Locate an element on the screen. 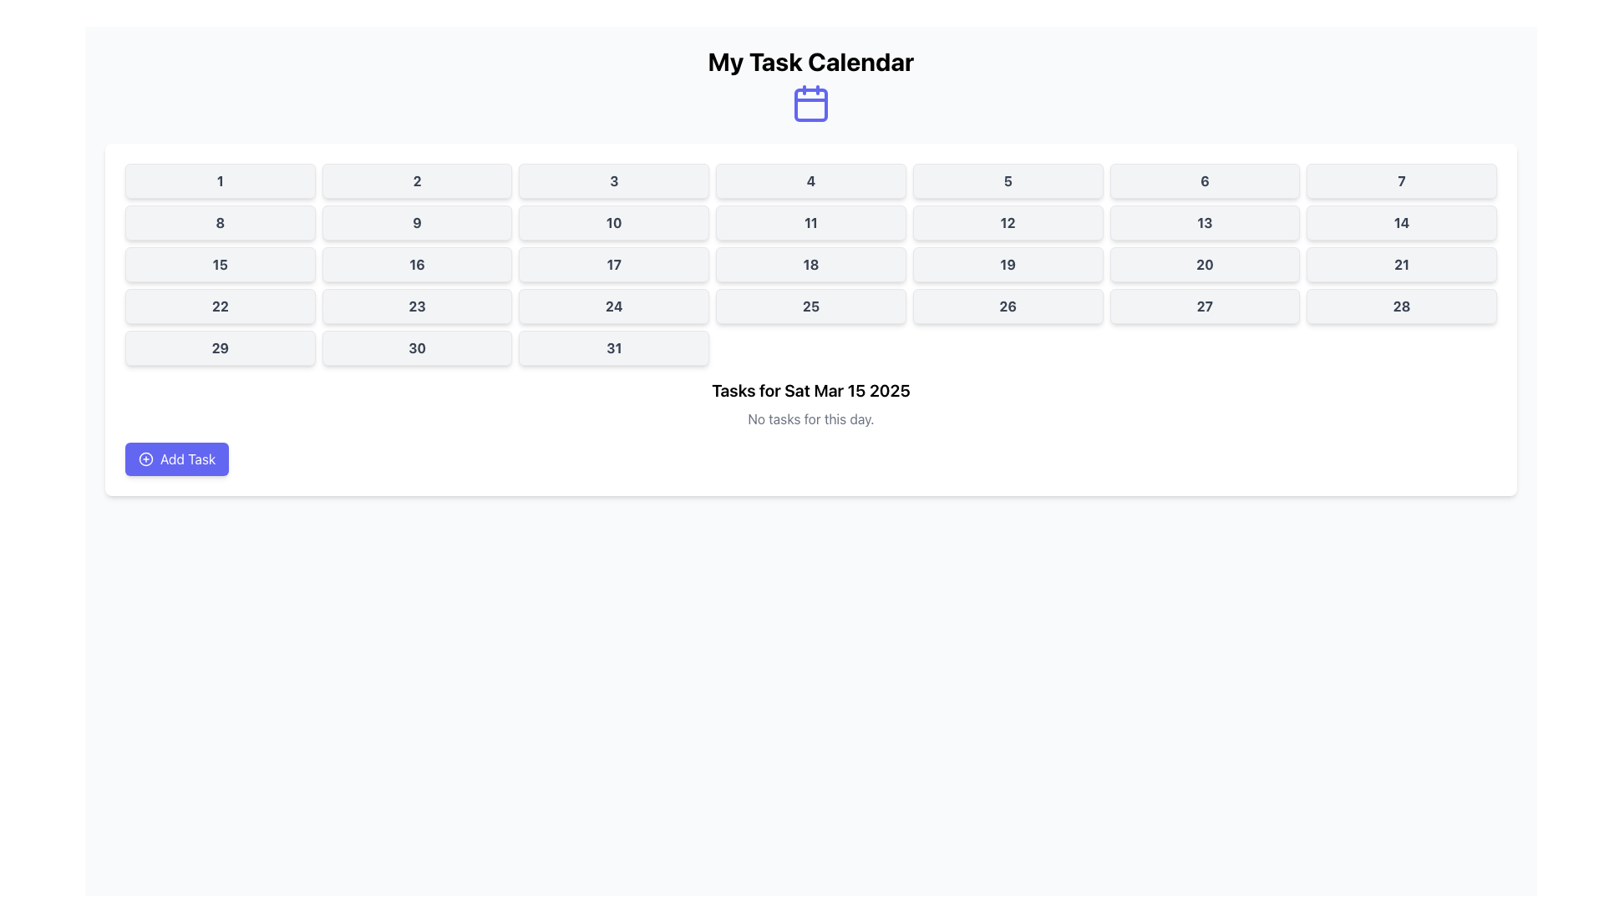  the selectable button for the 25th day in the calendar grid is located at coordinates (810, 306).